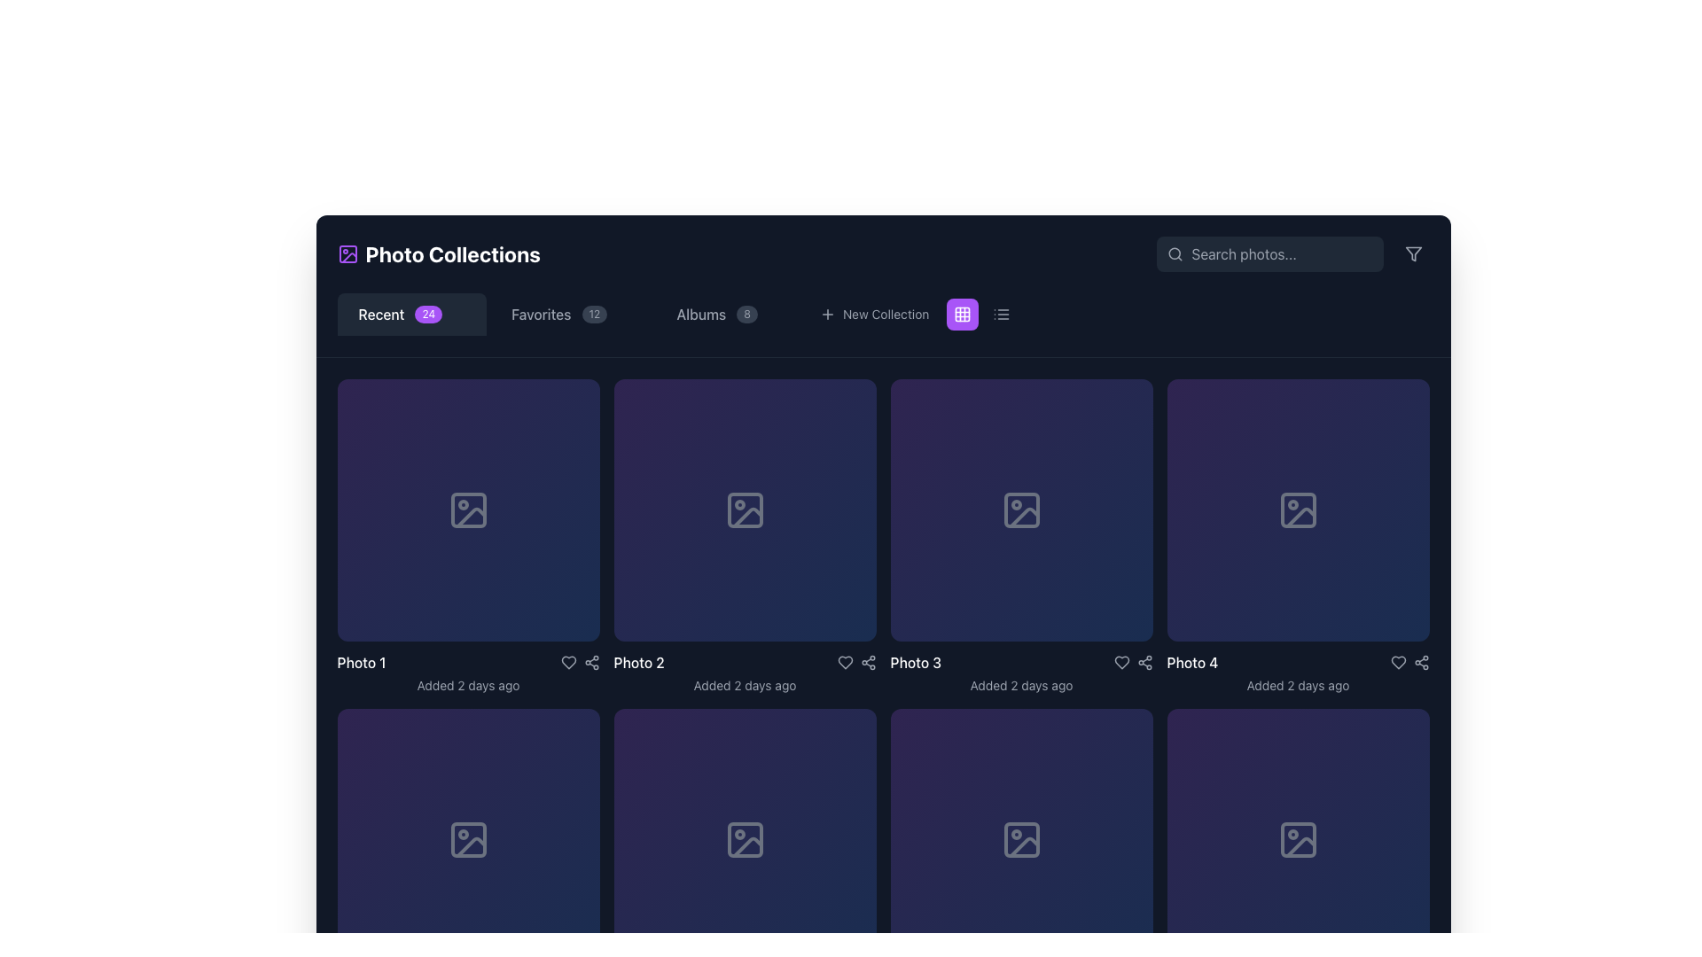 This screenshot has width=1702, height=957. I want to click on the 'Download' decorative icon located in the third square of the second row of the grid layout, so click(745, 839).